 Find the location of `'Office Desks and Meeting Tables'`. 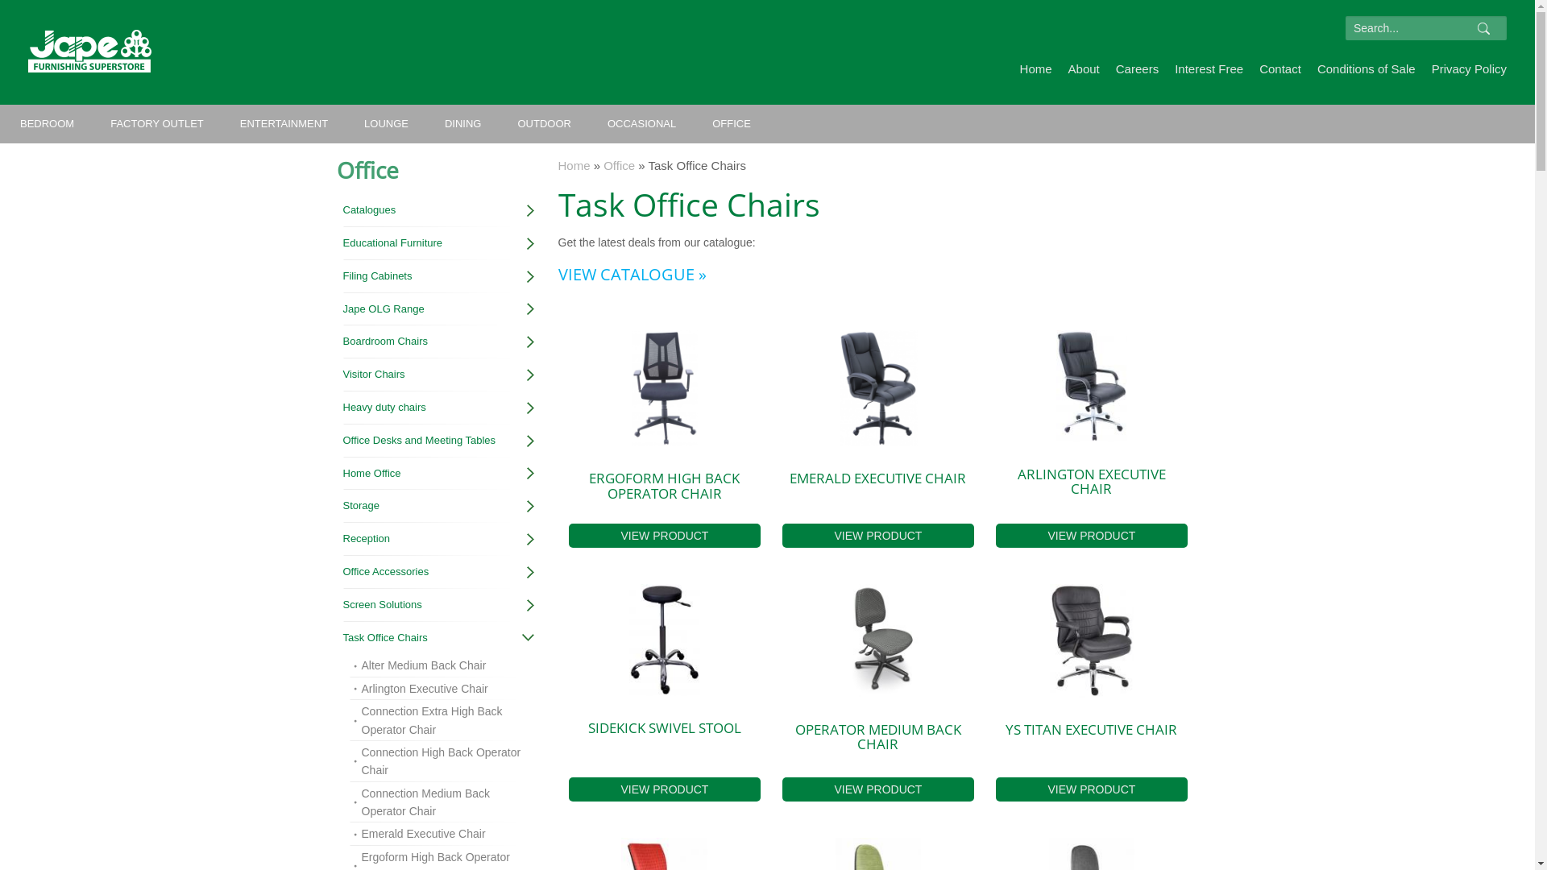

'Office Desks and Meeting Tables' is located at coordinates (438, 441).